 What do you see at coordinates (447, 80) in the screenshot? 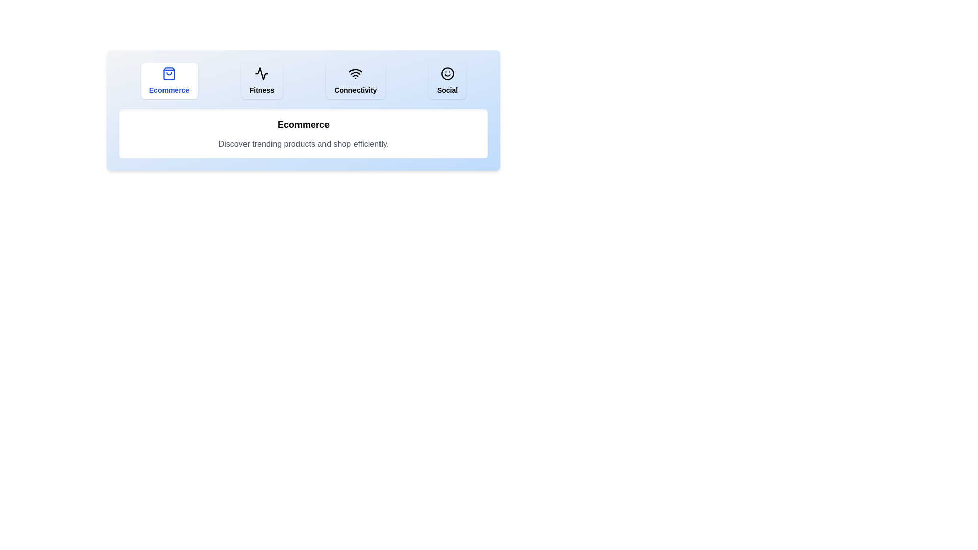
I see `the tab labeled Social to observe its hover effect` at bounding box center [447, 80].